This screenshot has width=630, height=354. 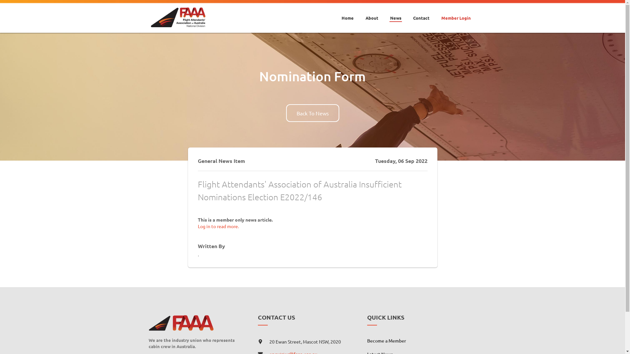 I want to click on 'Contact', so click(x=421, y=13).